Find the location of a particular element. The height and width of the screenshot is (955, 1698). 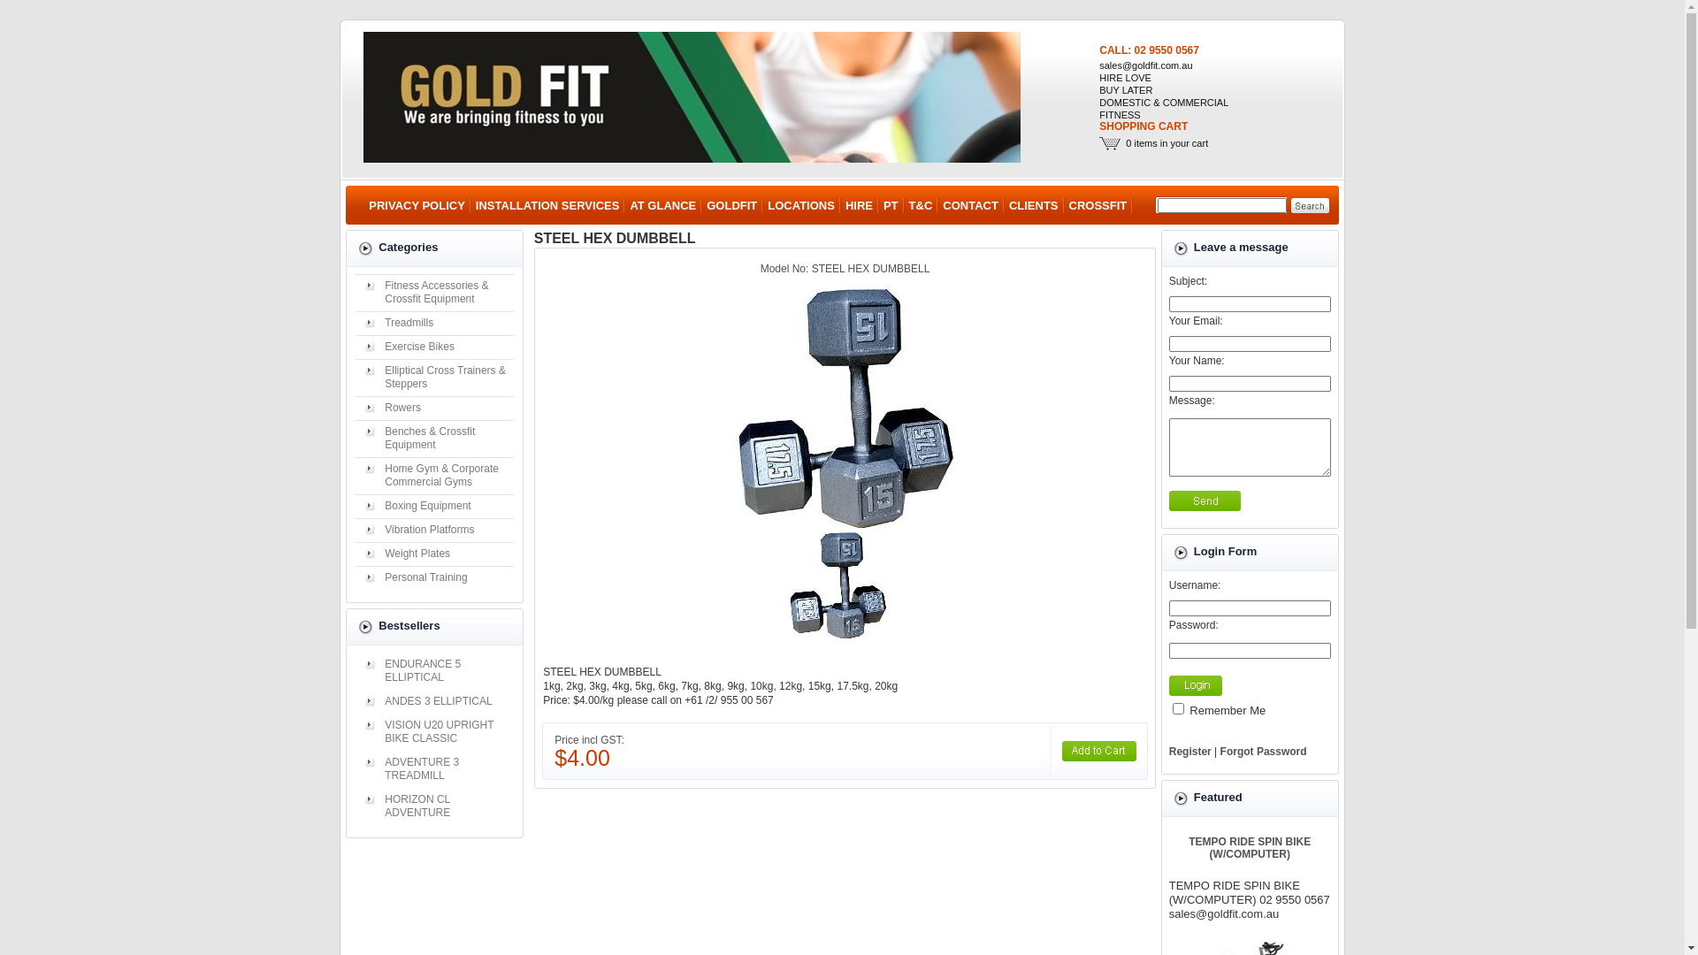

'VISION U20 UPRIGHT BIKE CLASSIC' is located at coordinates (355, 732).